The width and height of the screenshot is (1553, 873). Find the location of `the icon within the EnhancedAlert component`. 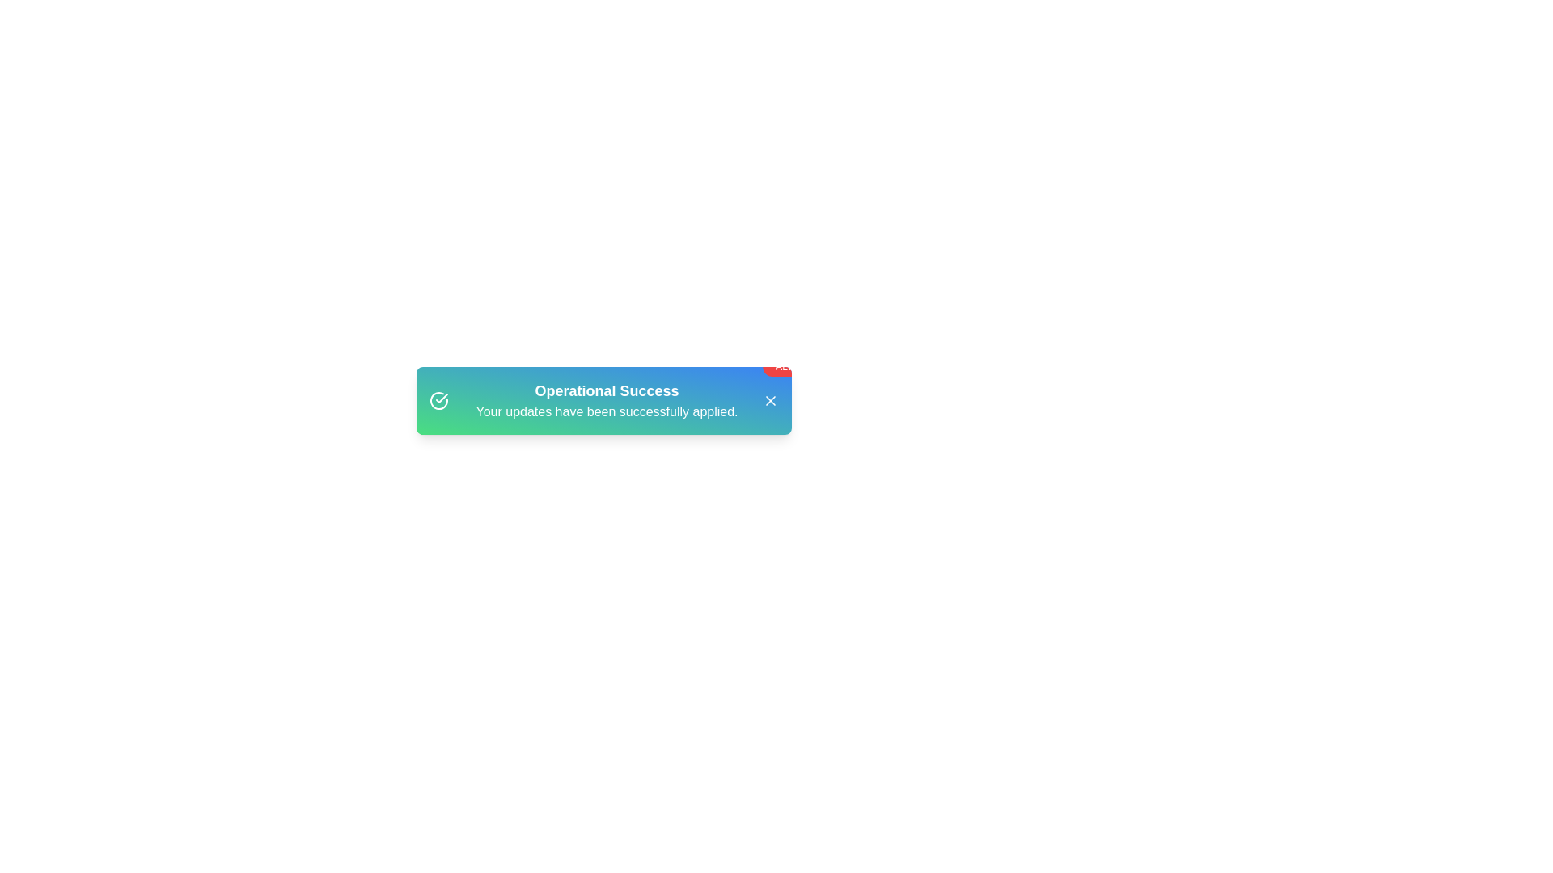

the icon within the EnhancedAlert component is located at coordinates (438, 400).